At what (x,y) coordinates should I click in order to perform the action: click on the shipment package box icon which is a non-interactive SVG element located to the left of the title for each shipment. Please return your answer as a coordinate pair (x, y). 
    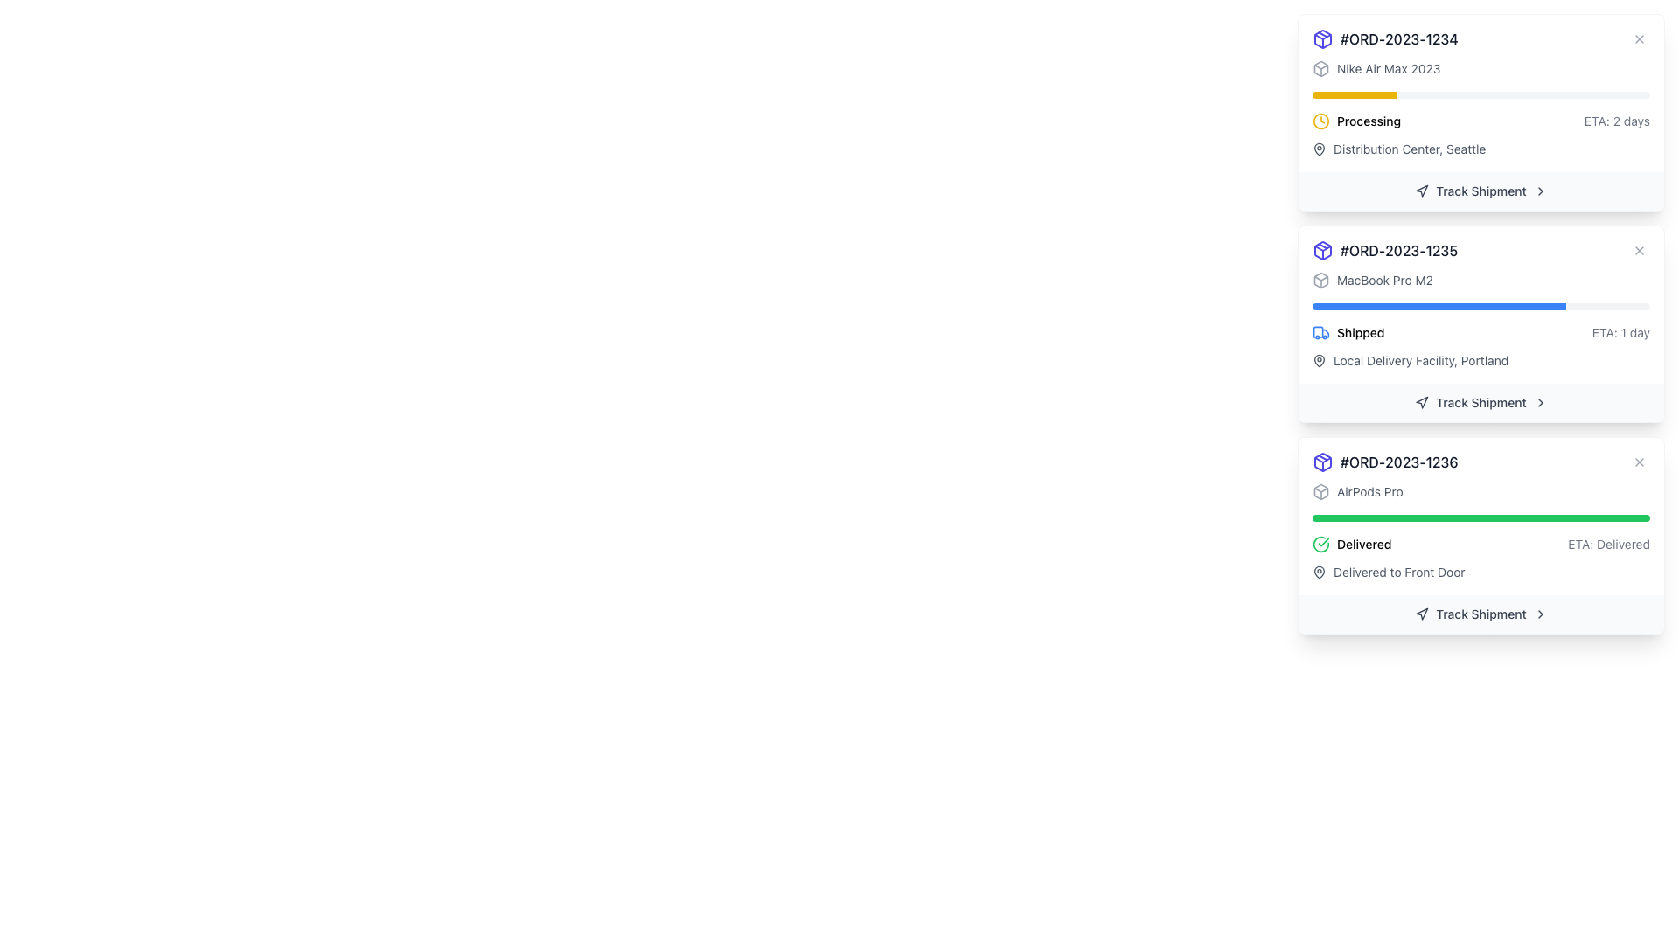
    Looking at the image, I should click on (1322, 250).